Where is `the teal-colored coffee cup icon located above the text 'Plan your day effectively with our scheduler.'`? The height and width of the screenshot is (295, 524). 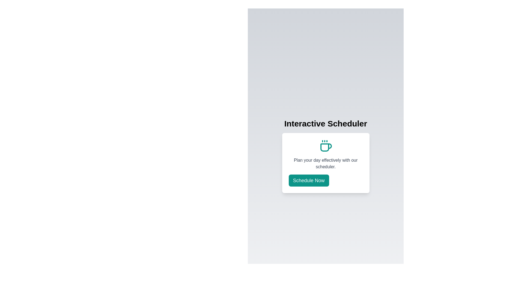 the teal-colored coffee cup icon located above the text 'Plan your day effectively with our scheduler.' is located at coordinates (326, 146).